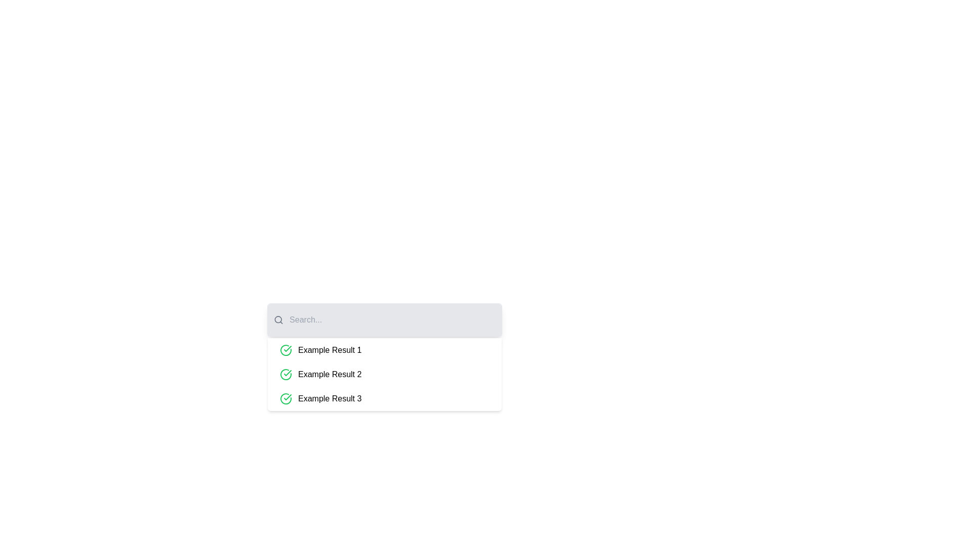 Image resolution: width=972 pixels, height=546 pixels. What do you see at coordinates (286, 350) in the screenshot?
I see `the green circular outline icon with a checkmark, located at the beginning of the row titled 'Example Result 1'` at bounding box center [286, 350].